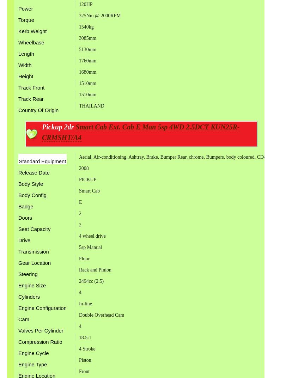 The height and width of the screenshot is (378, 298). I want to click on '4 Stroke', so click(86, 348).